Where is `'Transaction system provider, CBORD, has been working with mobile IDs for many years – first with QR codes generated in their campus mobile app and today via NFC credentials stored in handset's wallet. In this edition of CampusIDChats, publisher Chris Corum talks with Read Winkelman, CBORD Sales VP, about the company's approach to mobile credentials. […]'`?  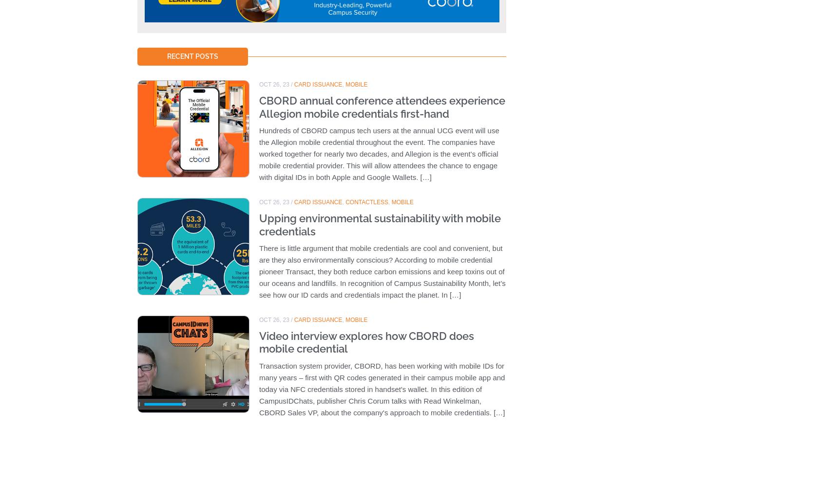
'Transaction system provider, CBORD, has been working with mobile IDs for many years – first with QR codes generated in their campus mobile app and today via NFC credentials stored in handset's wallet. In this edition of CampusIDChats, publisher Chris Corum talks with Read Winkelman, CBORD Sales VP, about the company's approach to mobile credentials. […]' is located at coordinates (382, 388).